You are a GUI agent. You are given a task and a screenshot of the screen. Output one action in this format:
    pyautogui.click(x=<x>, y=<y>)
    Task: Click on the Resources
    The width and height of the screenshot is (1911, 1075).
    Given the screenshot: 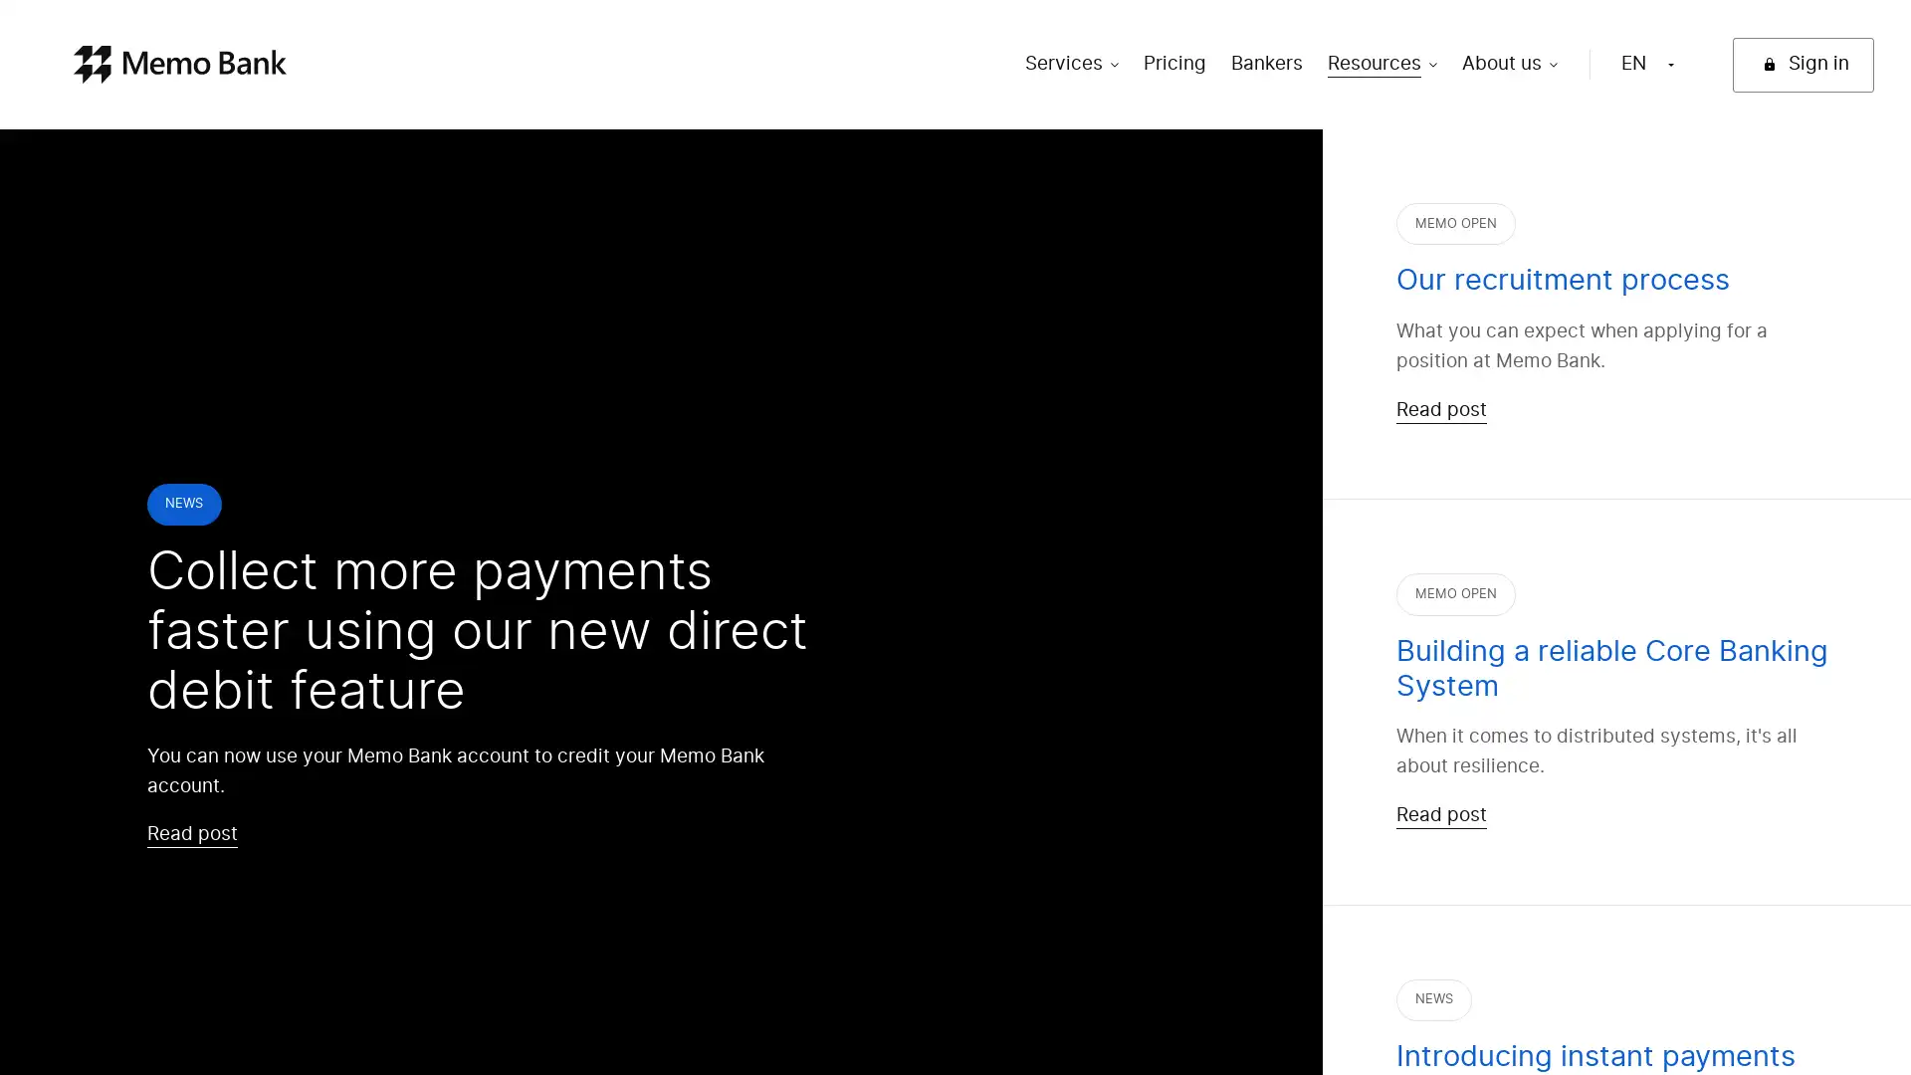 What is the action you would take?
    pyautogui.click(x=1380, y=64)
    